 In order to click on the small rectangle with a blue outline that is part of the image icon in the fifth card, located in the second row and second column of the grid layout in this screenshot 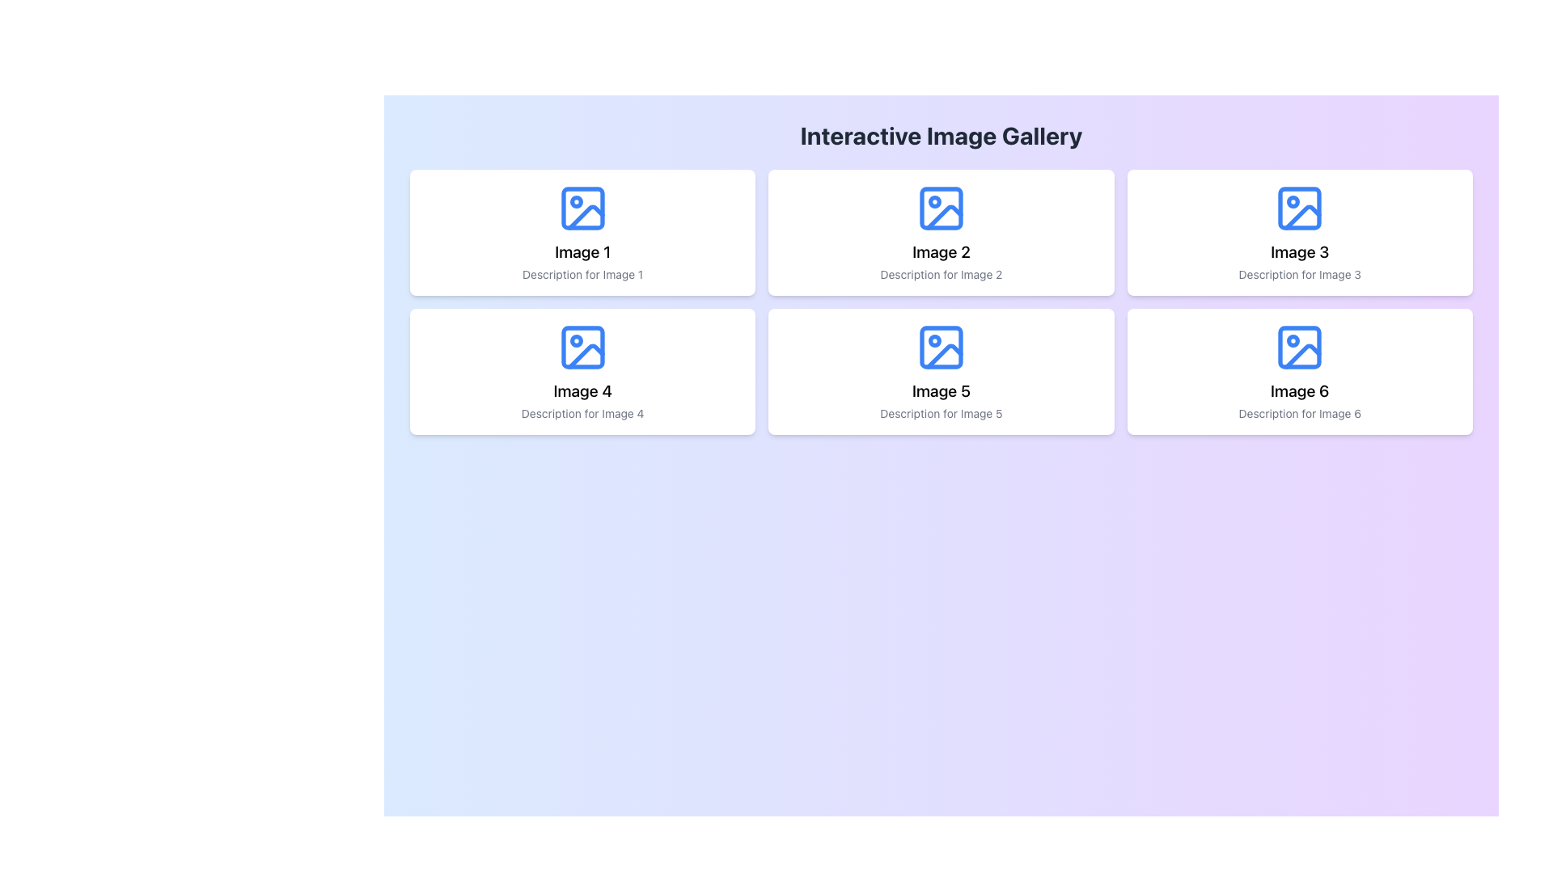, I will do `click(941, 346)`.